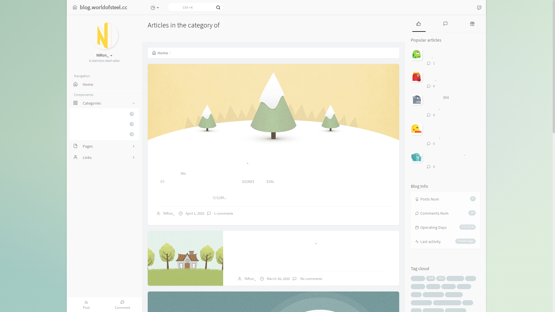 This screenshot has width=555, height=312. I want to click on 'Random articles', so click(472, 23).